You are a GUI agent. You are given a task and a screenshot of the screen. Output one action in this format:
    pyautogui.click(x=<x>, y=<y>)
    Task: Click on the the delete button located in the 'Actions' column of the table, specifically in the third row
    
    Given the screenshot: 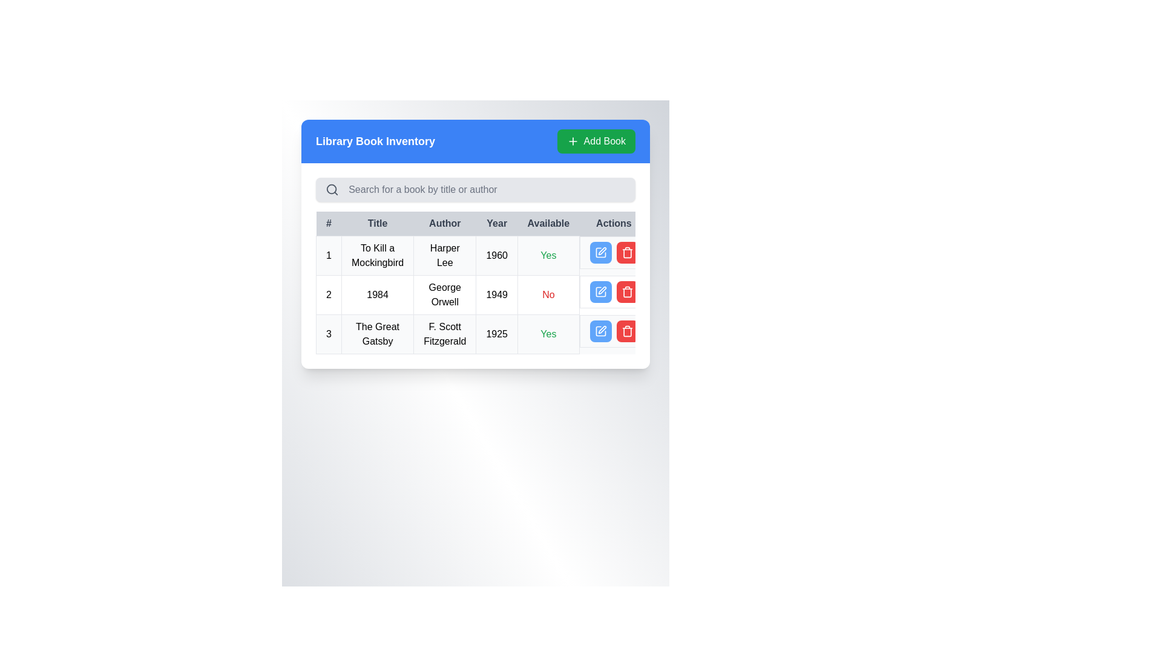 What is the action you would take?
    pyautogui.click(x=627, y=291)
    